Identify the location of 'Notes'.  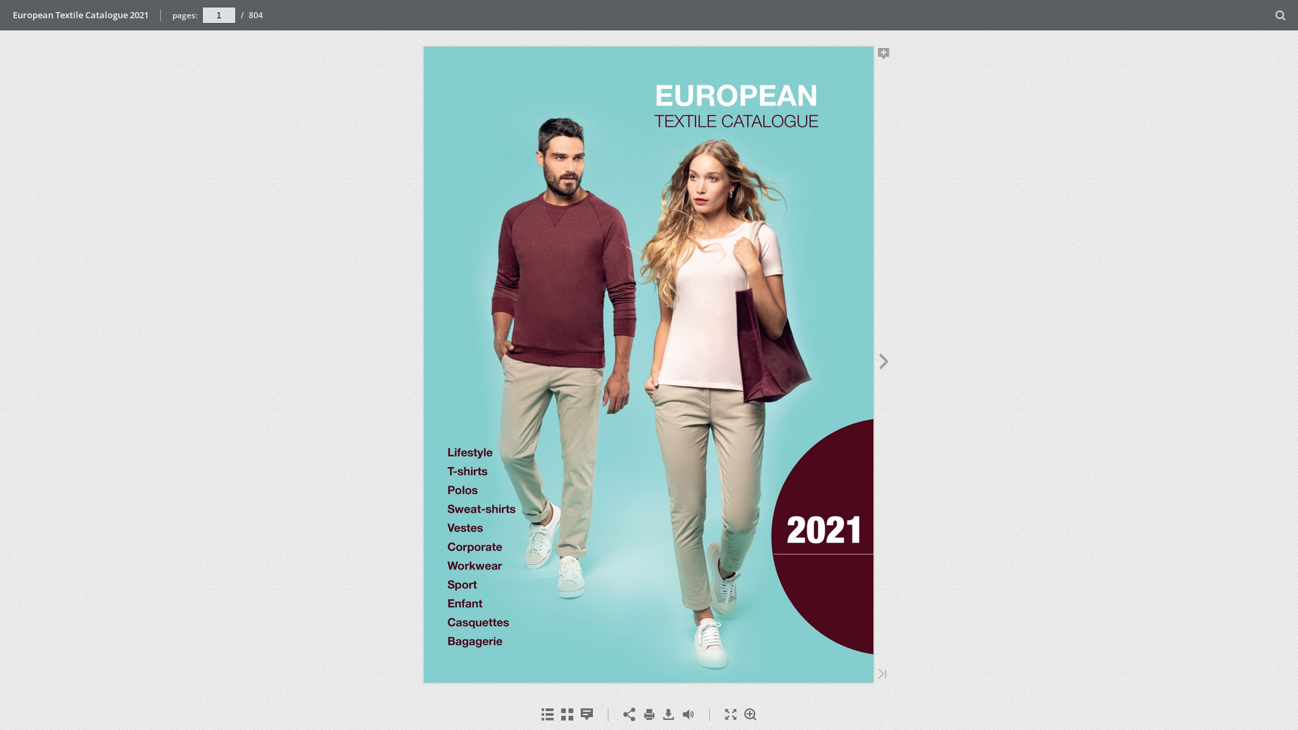
(577, 714).